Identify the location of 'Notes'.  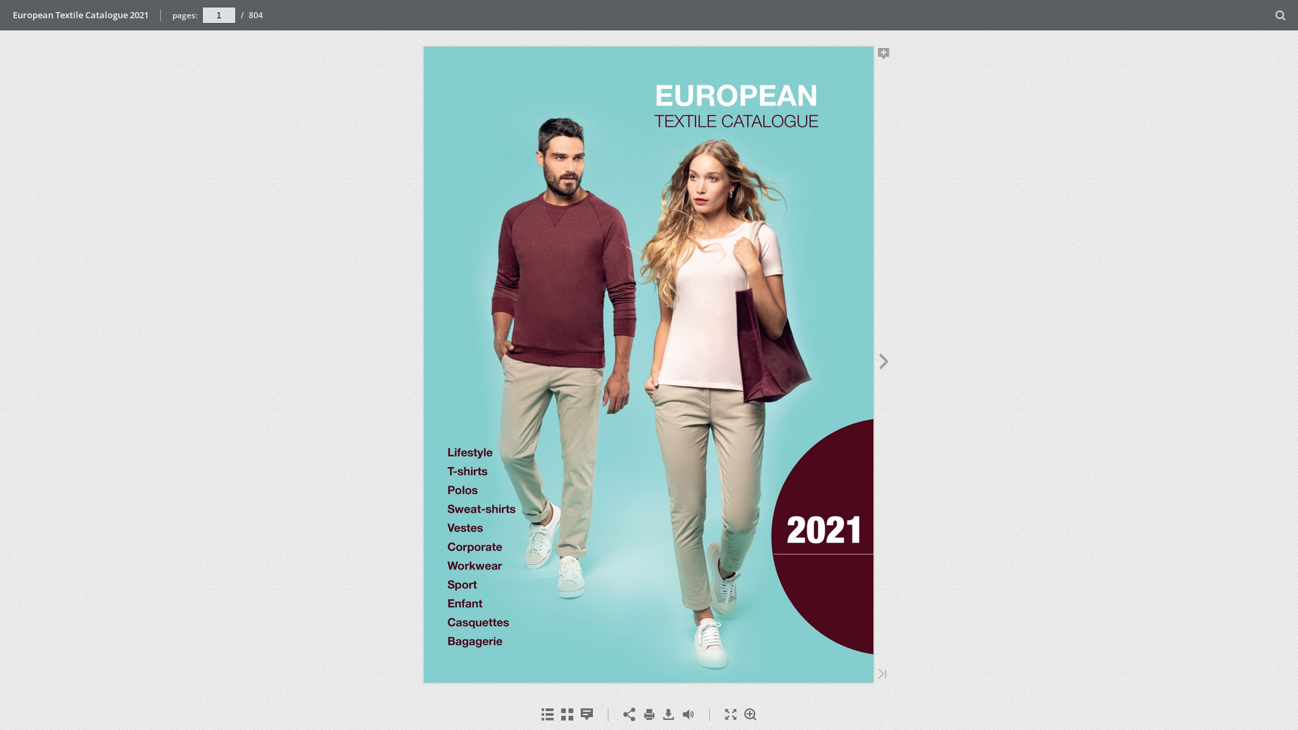
(577, 714).